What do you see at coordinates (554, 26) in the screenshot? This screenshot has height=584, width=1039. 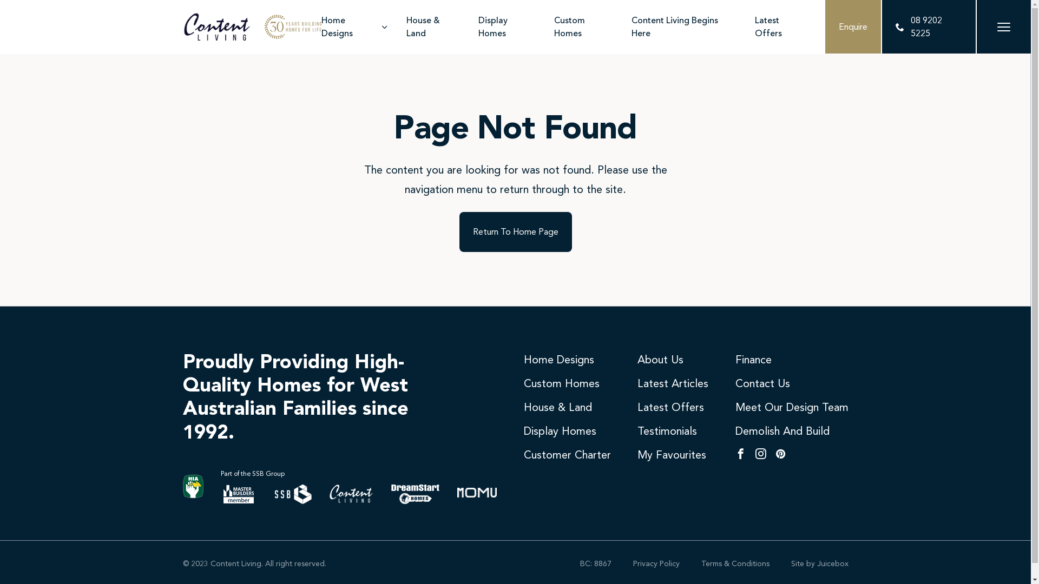 I see `'Custom Homes'` at bounding box center [554, 26].